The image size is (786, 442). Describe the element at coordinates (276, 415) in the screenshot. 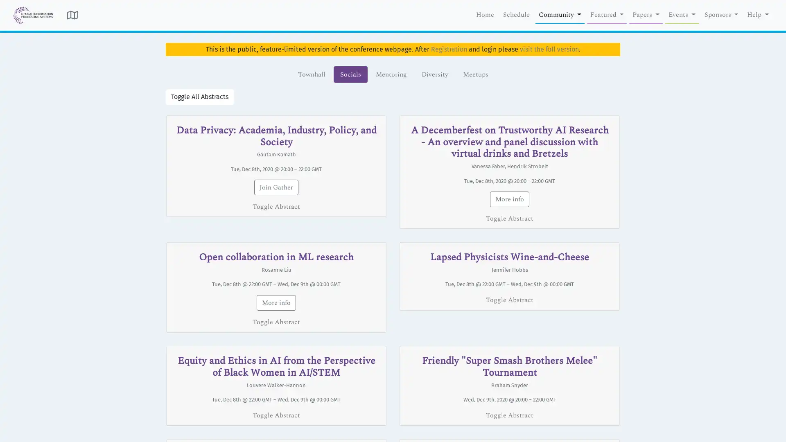

I see `Toggle Abstract` at that location.